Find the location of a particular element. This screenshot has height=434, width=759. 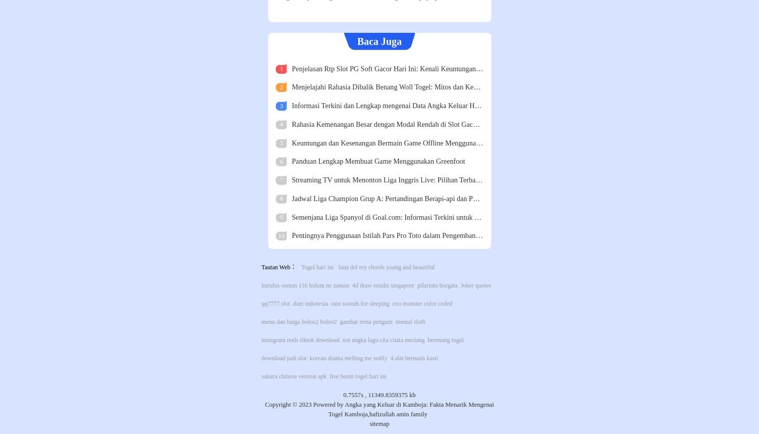

'0.7557s , 11349.8359375 kb' is located at coordinates (378, 395).